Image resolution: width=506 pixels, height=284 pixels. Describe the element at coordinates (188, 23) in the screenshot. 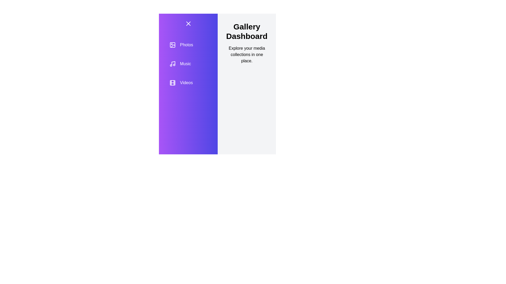

I see `the toggle button to toggle the visibility of the drawer` at that location.